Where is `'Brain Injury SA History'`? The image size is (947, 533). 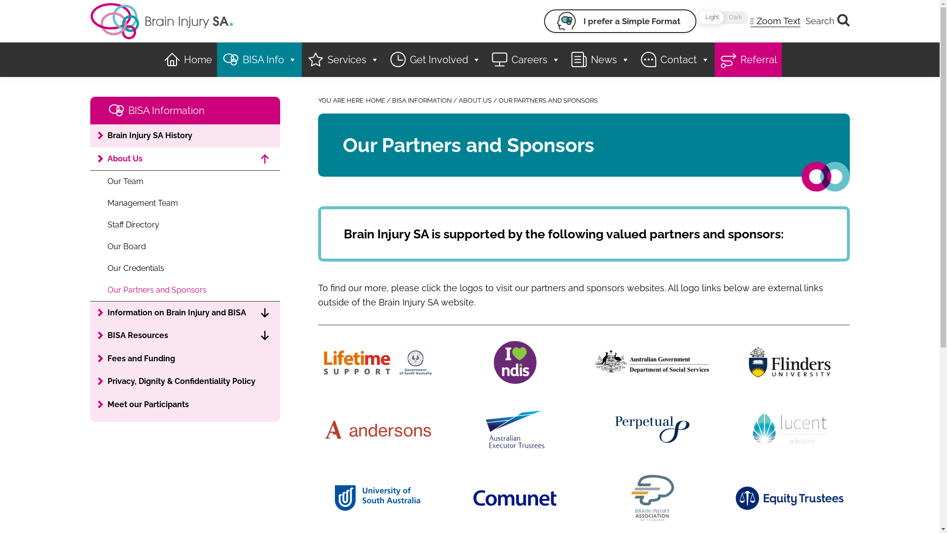
'Brain Injury SA History' is located at coordinates (184, 135).